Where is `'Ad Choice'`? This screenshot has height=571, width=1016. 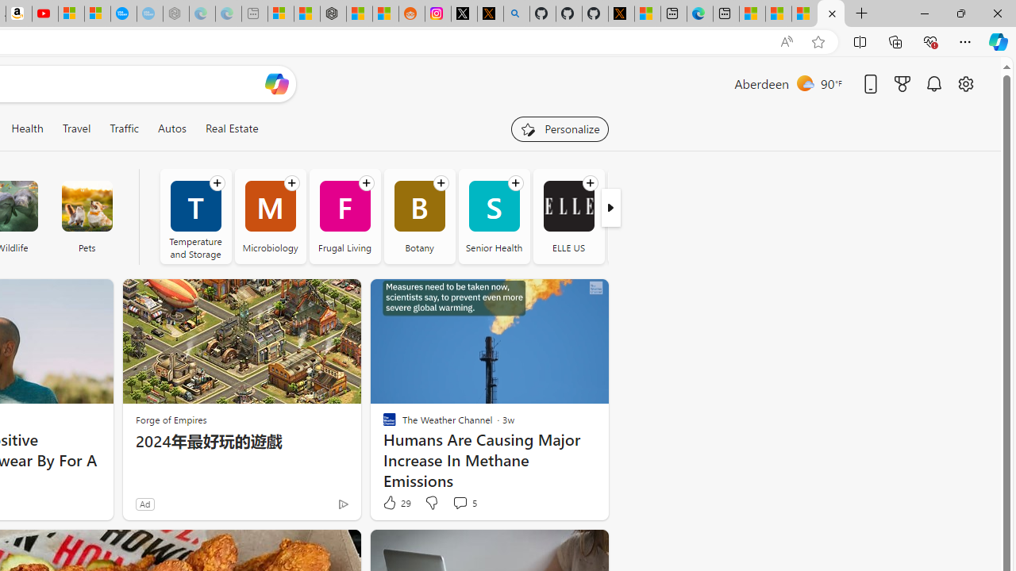 'Ad Choice' is located at coordinates (342, 504).